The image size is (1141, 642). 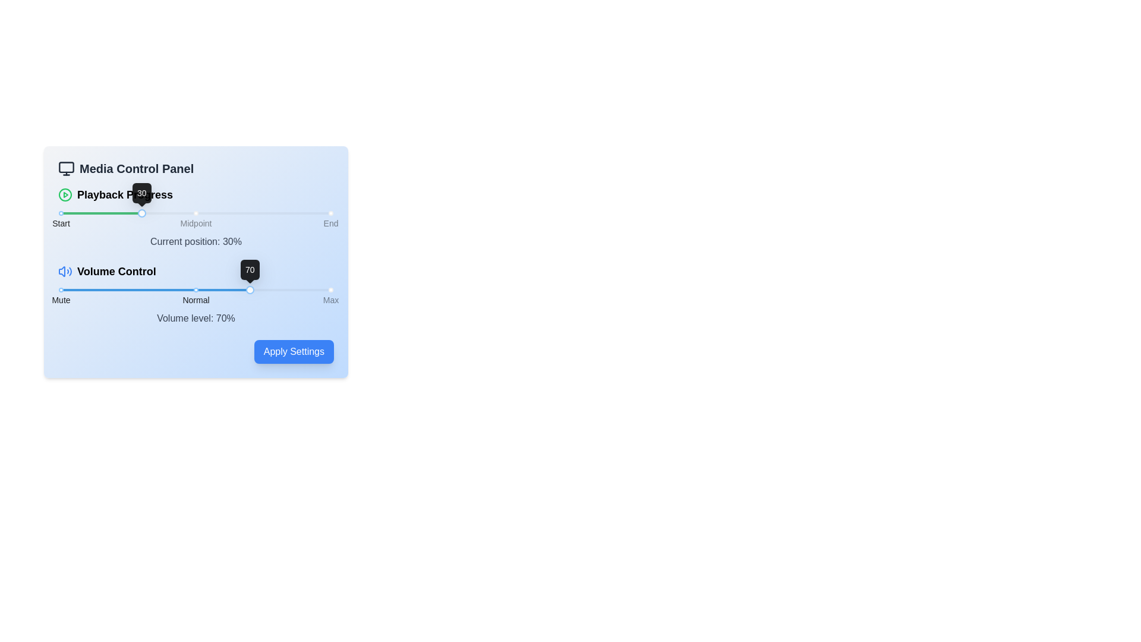 What do you see at coordinates (131, 212) in the screenshot?
I see `playback progress` at bounding box center [131, 212].